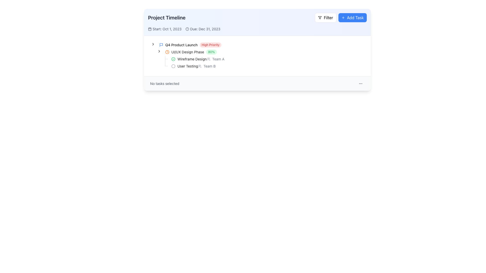 The width and height of the screenshot is (486, 273). What do you see at coordinates (173, 59) in the screenshot?
I see `the green circular badge with a checkmark indicating the completion of the 'UI/UX Design Phase' task in the project timeline to trigger its linked functionalities` at bounding box center [173, 59].